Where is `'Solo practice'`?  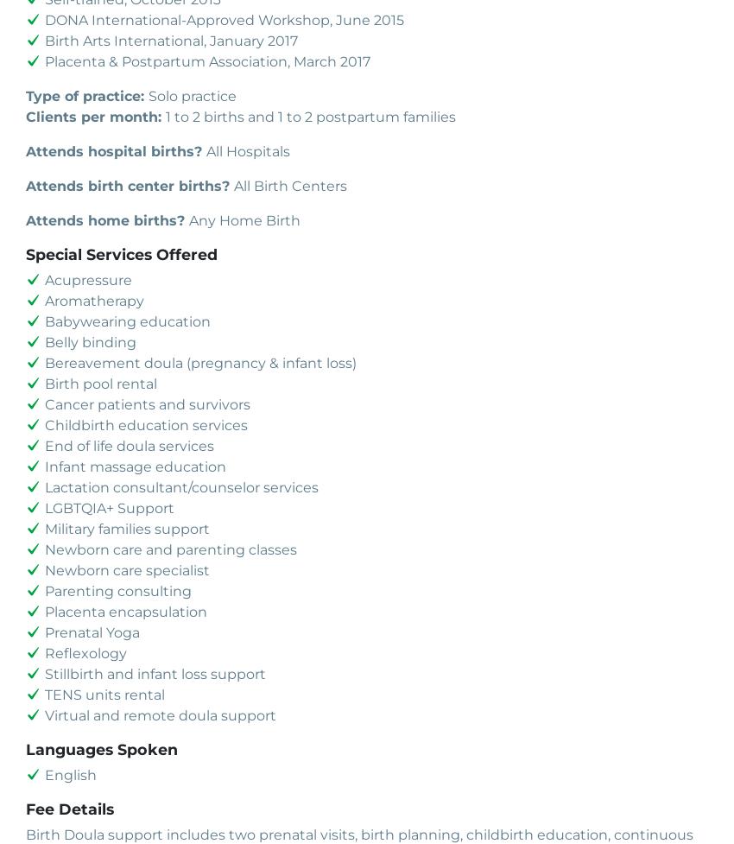
'Solo practice' is located at coordinates (193, 95).